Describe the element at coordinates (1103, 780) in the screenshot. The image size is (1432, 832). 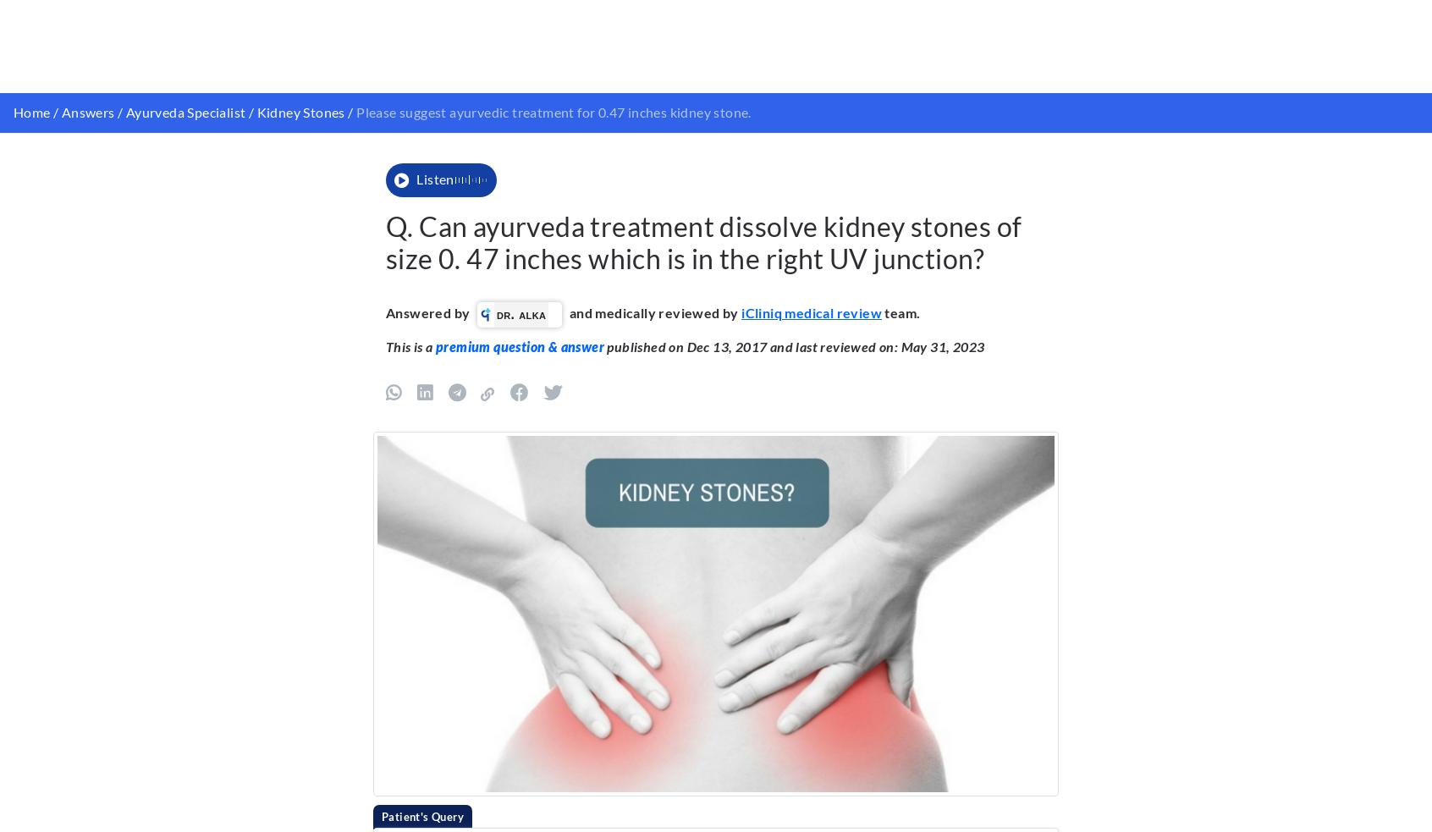
I see `'24/7 Support'` at that location.